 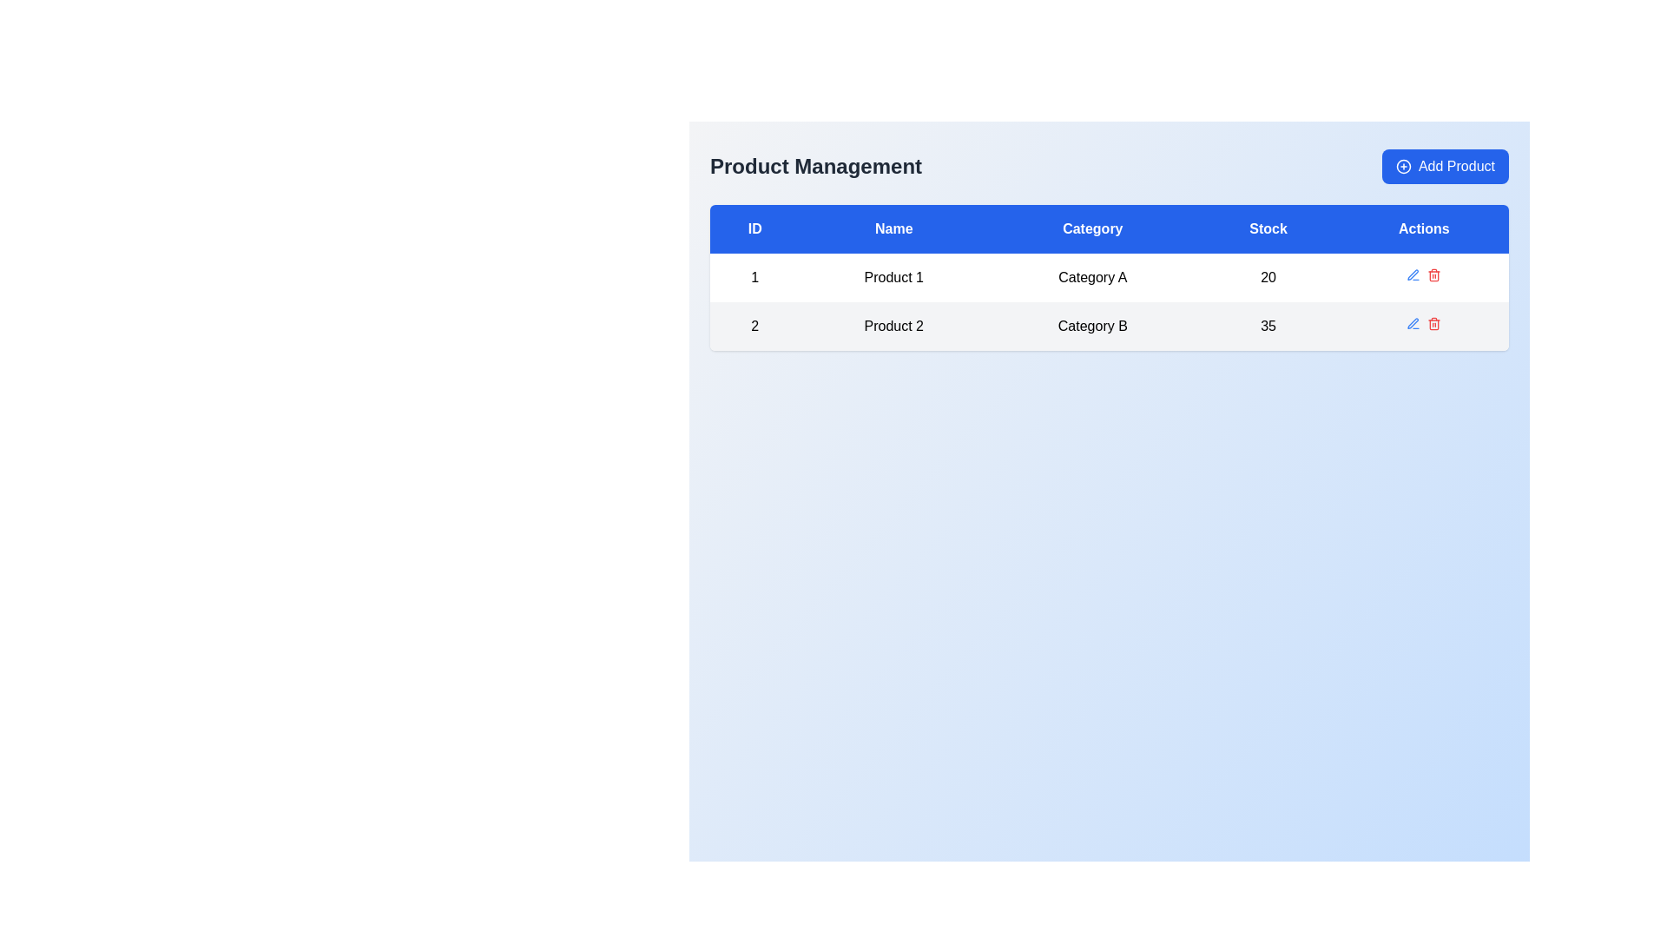 What do you see at coordinates (1268, 326) in the screenshot?
I see `the Text label indicating the stock count for 'Product 2' located in the 'Stock' column of the table` at bounding box center [1268, 326].